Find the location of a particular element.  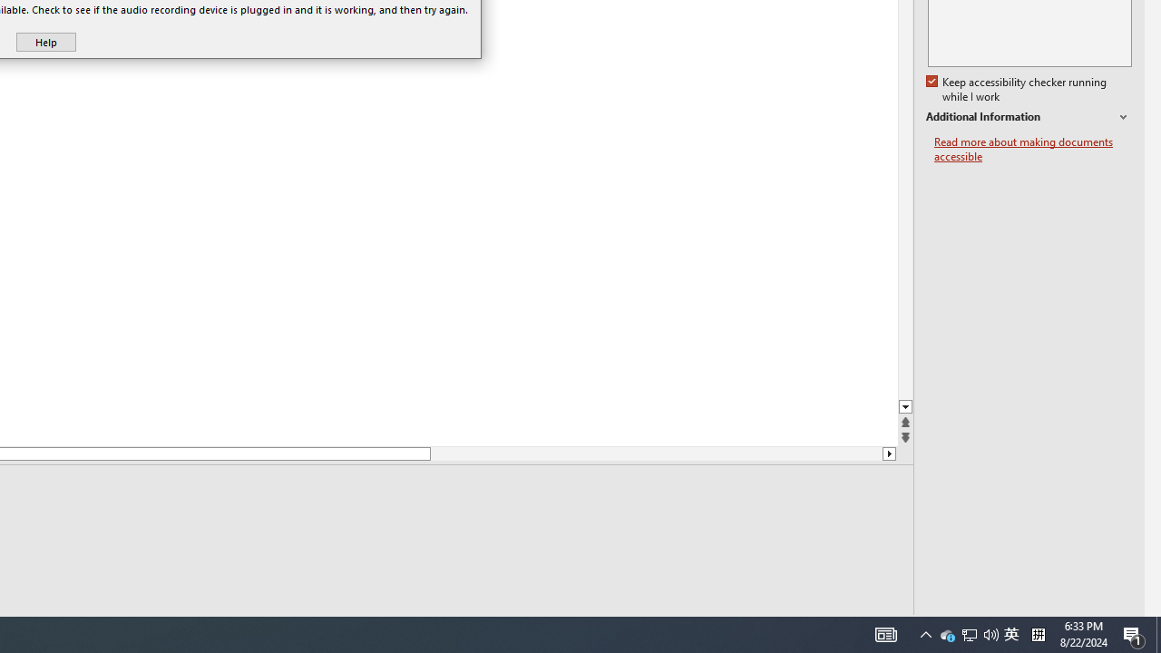

'Additional Information' is located at coordinates (1029, 117).